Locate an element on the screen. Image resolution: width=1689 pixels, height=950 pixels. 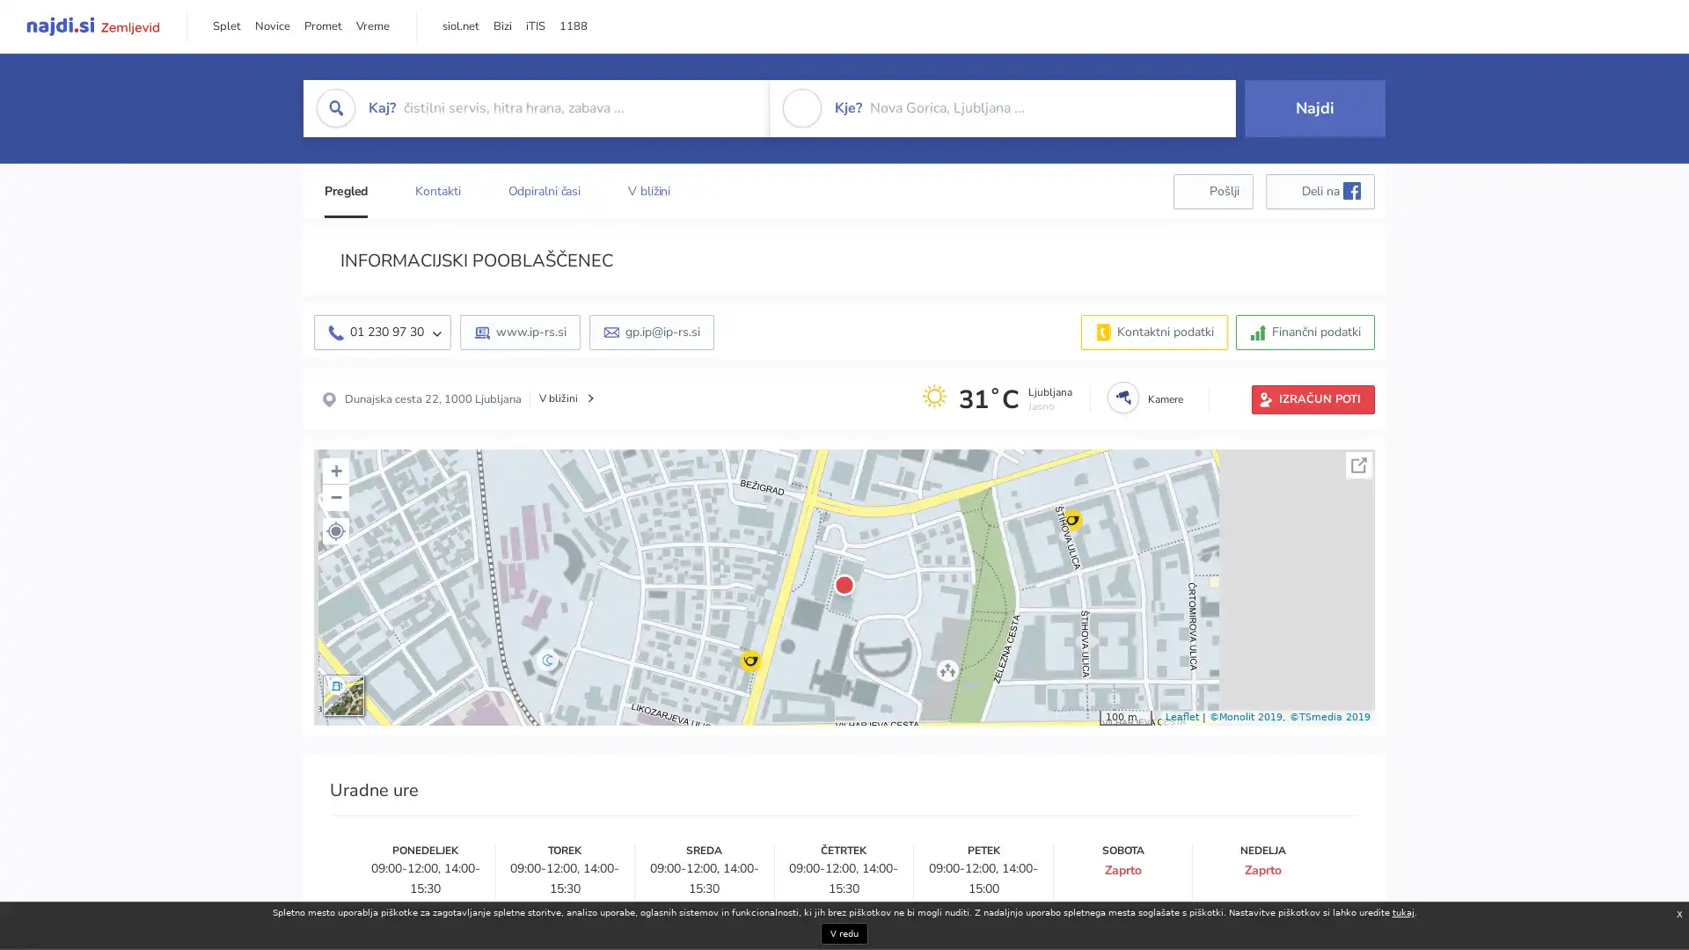
Najdi is located at coordinates (1314, 107).